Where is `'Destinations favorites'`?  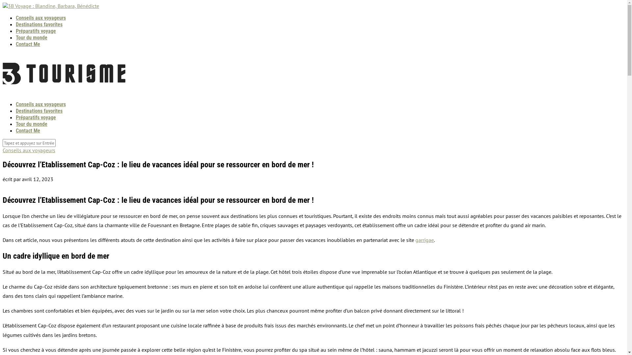
'Destinations favorites' is located at coordinates (39, 110).